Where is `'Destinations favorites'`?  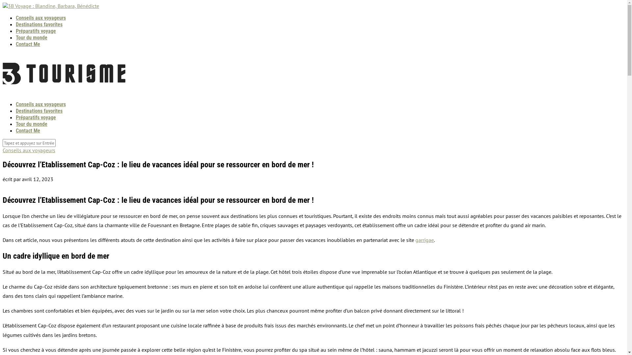
'Destinations favorites' is located at coordinates (39, 110).